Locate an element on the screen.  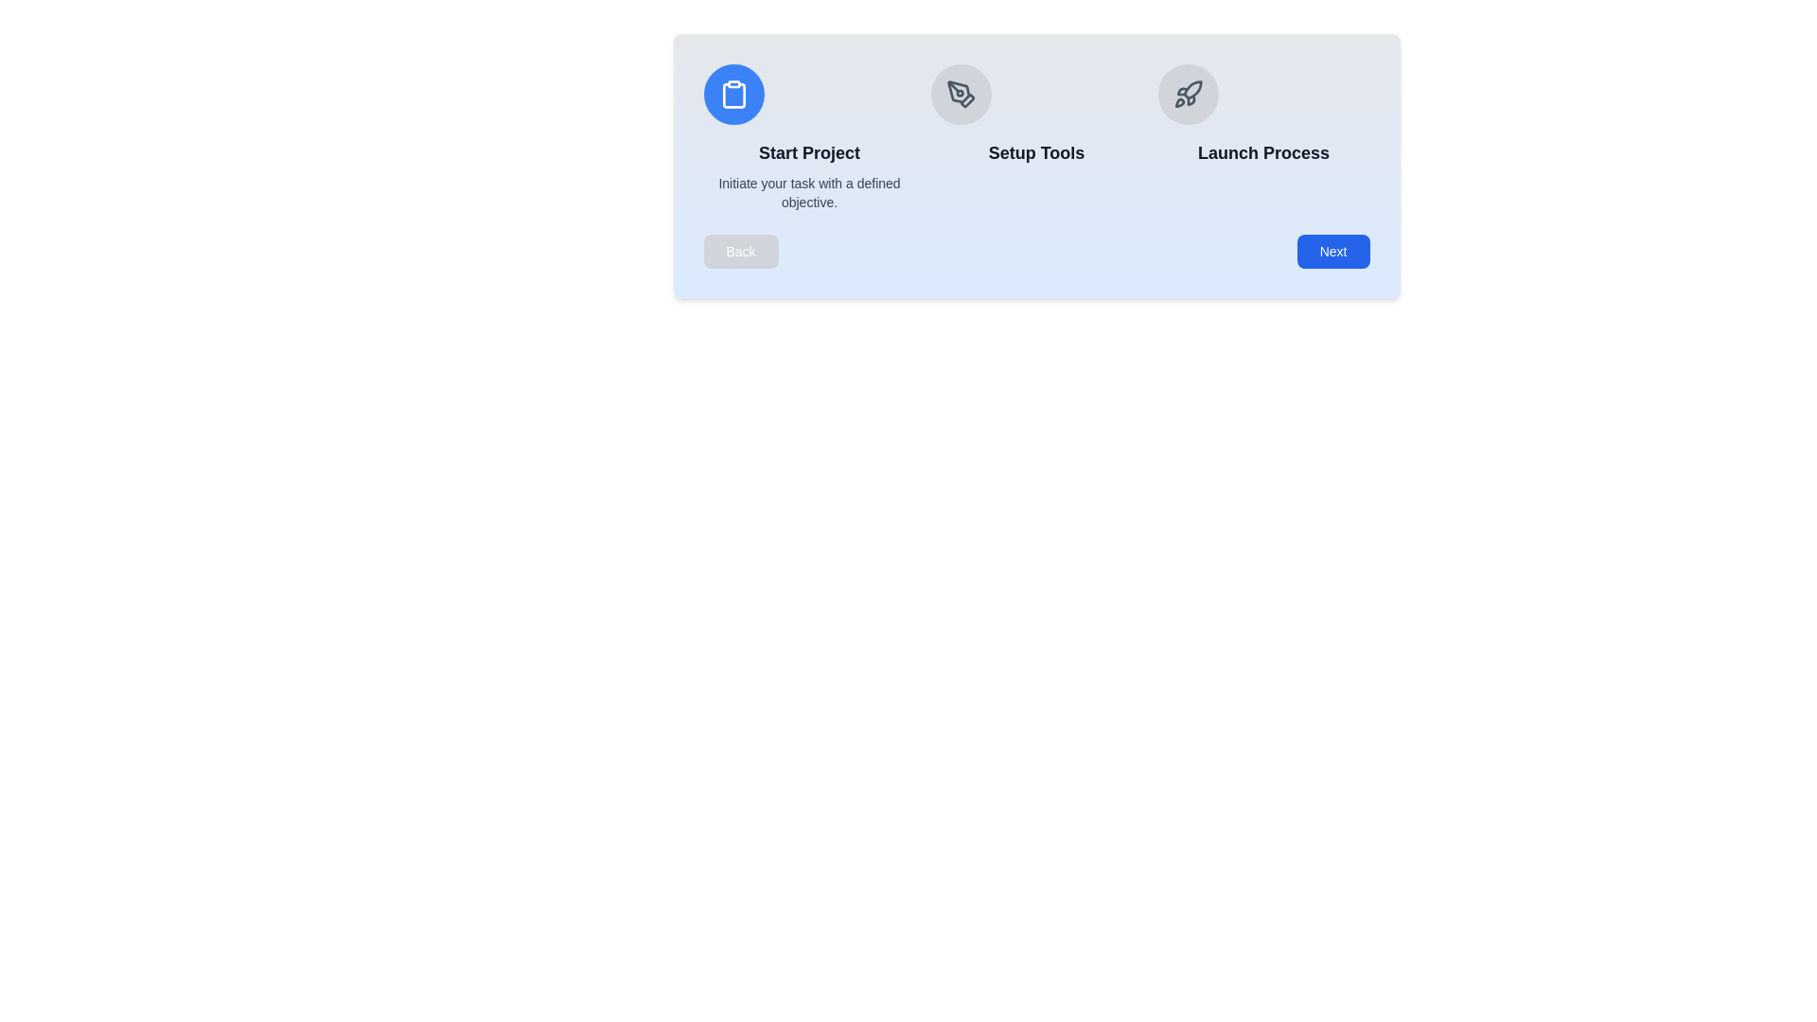
the icon of the current step to focus on it visually is located at coordinates (732, 95).